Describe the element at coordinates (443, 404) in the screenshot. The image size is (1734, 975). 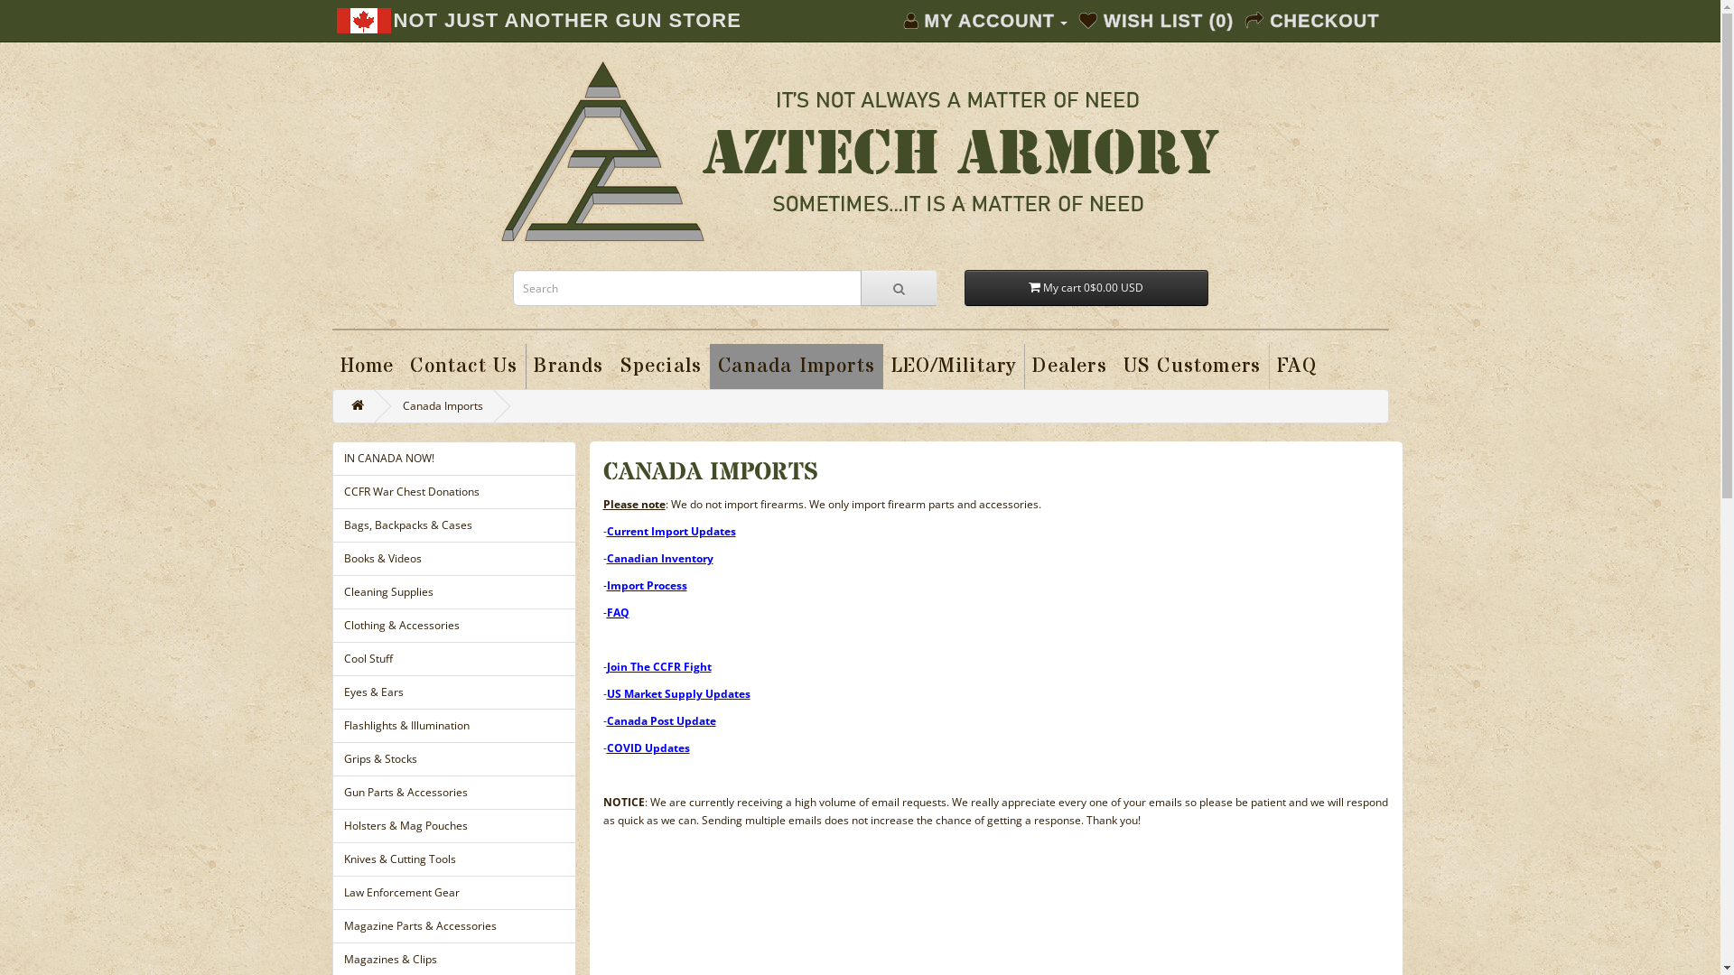
I see `'Canada Imports'` at that location.